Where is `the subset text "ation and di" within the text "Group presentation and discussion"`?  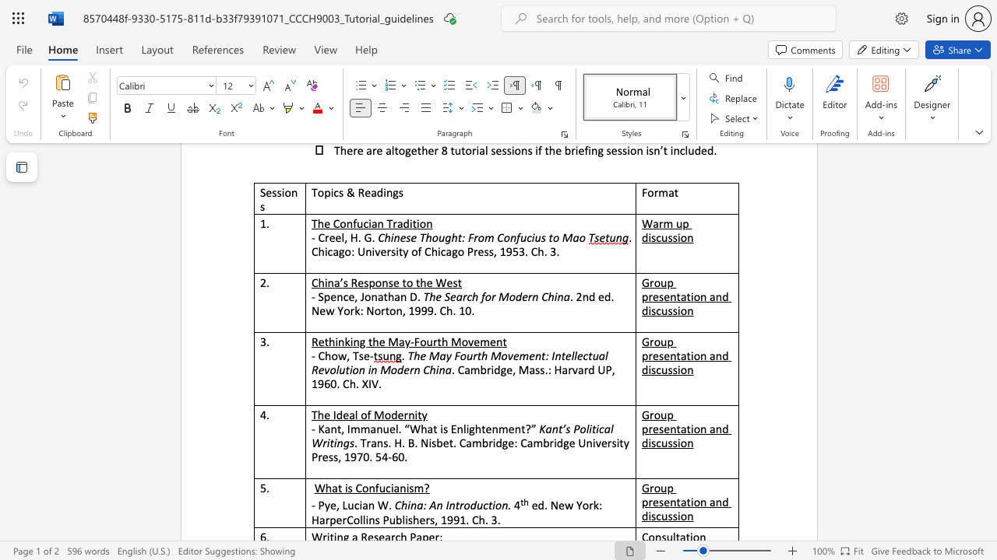 the subset text "ation and di" within the text "Group presentation and discussion" is located at coordinates (680, 429).